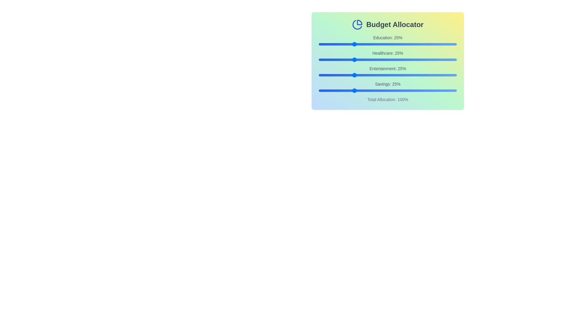  I want to click on the pie chart icon in the header to trigger additional actions, so click(357, 24).